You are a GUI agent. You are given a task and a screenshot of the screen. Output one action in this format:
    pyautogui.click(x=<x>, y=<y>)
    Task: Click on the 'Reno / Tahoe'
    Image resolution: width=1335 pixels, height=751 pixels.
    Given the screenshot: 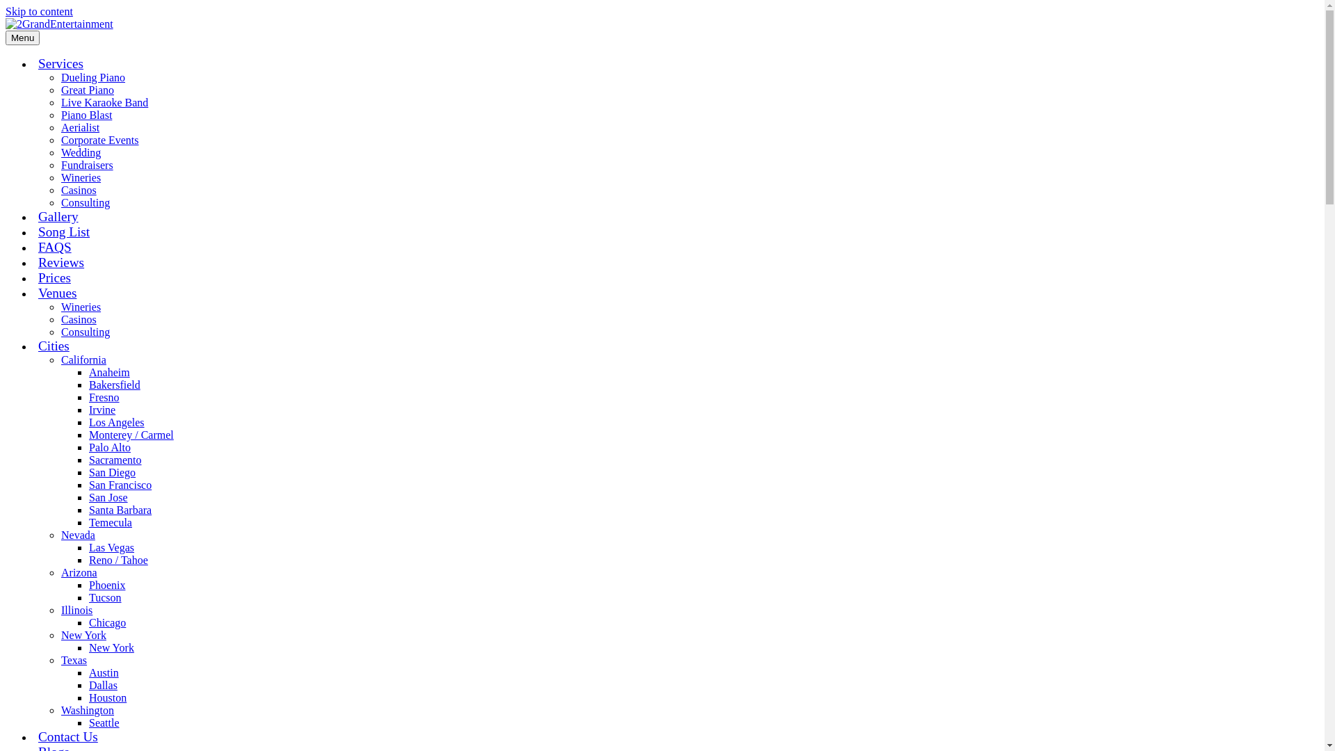 What is the action you would take?
    pyautogui.click(x=118, y=559)
    